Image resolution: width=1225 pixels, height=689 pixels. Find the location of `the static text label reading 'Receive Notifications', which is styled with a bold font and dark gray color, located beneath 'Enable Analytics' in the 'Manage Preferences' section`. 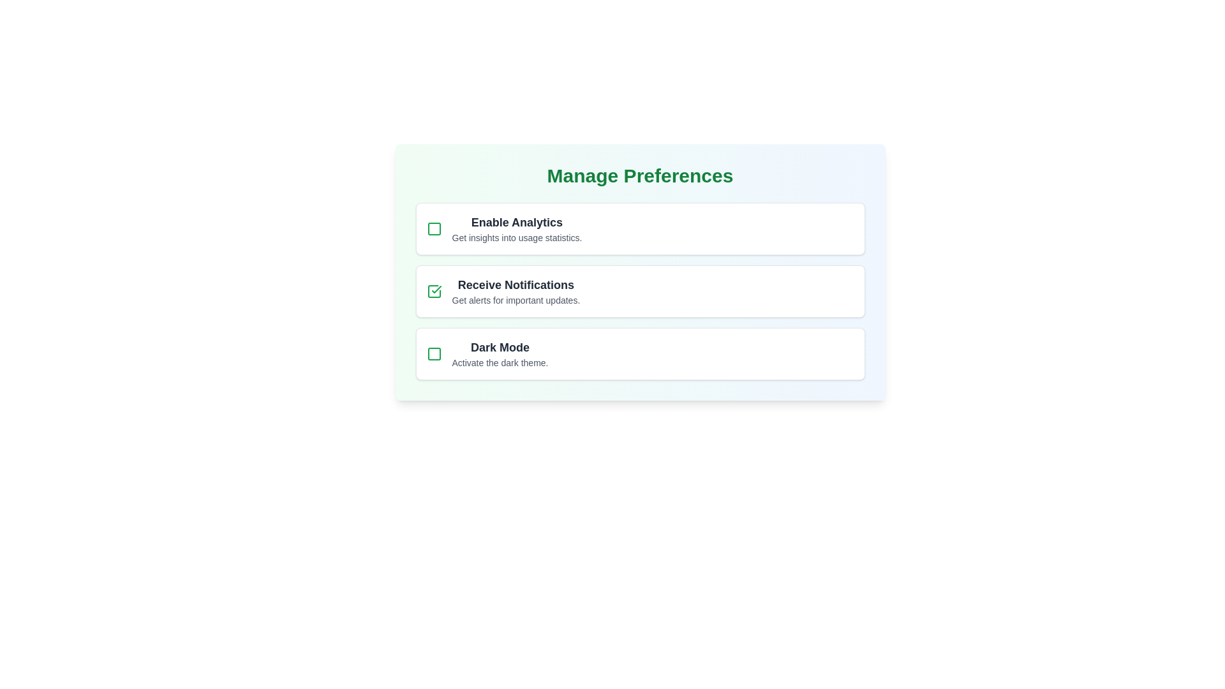

the static text label reading 'Receive Notifications', which is styled with a bold font and dark gray color, located beneath 'Enable Analytics' in the 'Manage Preferences' section is located at coordinates (516, 285).